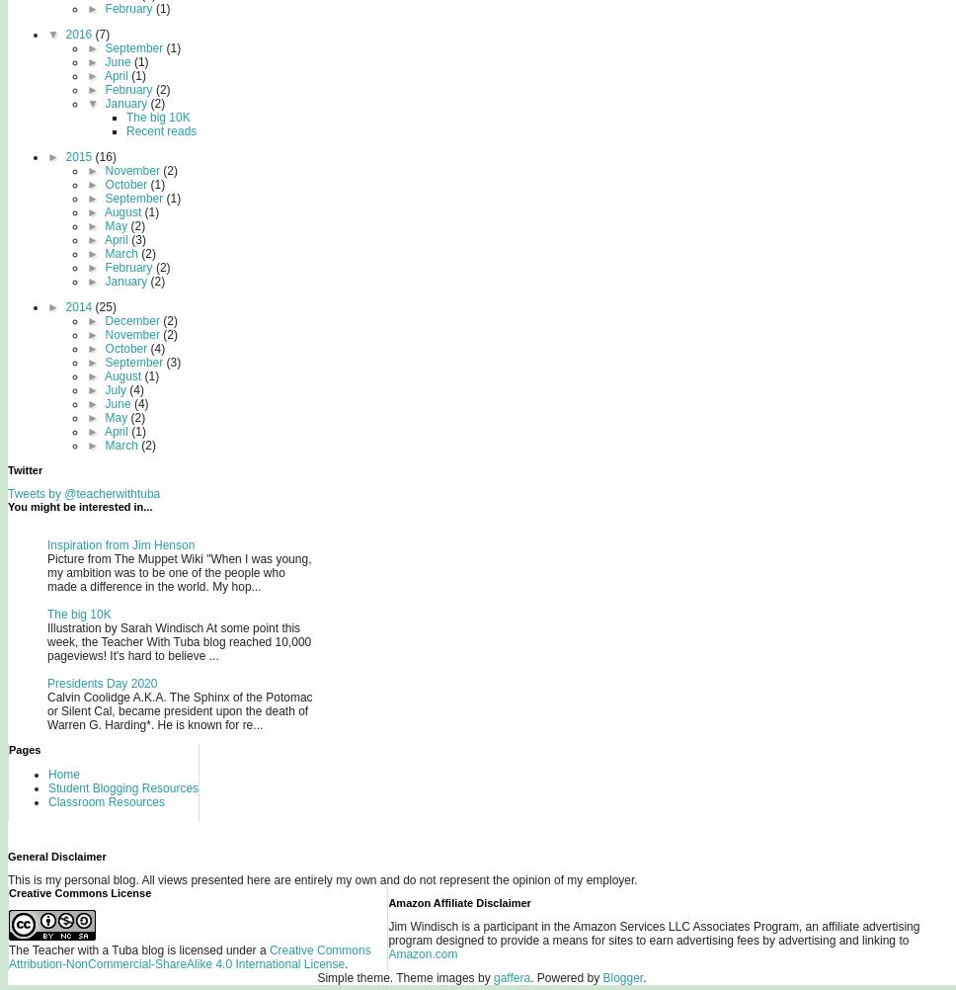  What do you see at coordinates (179, 571) in the screenshot?
I see `'Picture from The Muppet Wiki    "When I was young, my ambition was to be one of the people who made a difference in the world. My hop...'` at bounding box center [179, 571].